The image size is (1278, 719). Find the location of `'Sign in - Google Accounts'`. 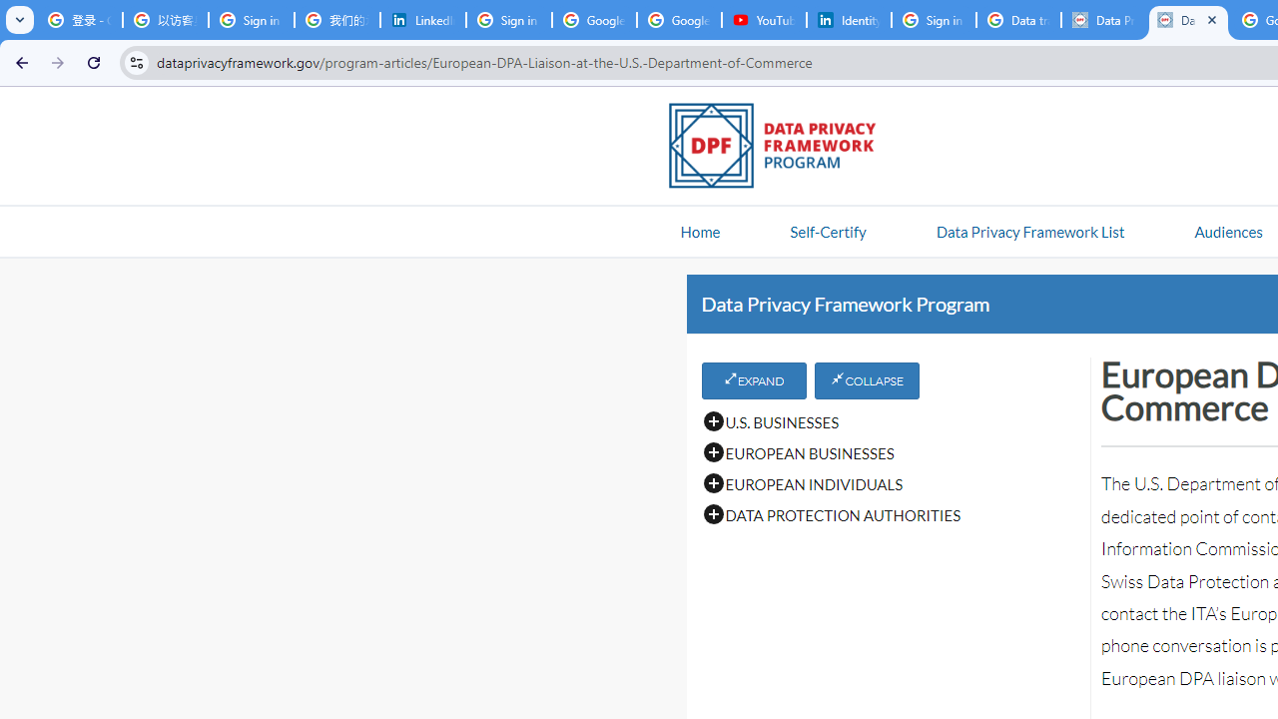

'Sign in - Google Accounts' is located at coordinates (933, 20).